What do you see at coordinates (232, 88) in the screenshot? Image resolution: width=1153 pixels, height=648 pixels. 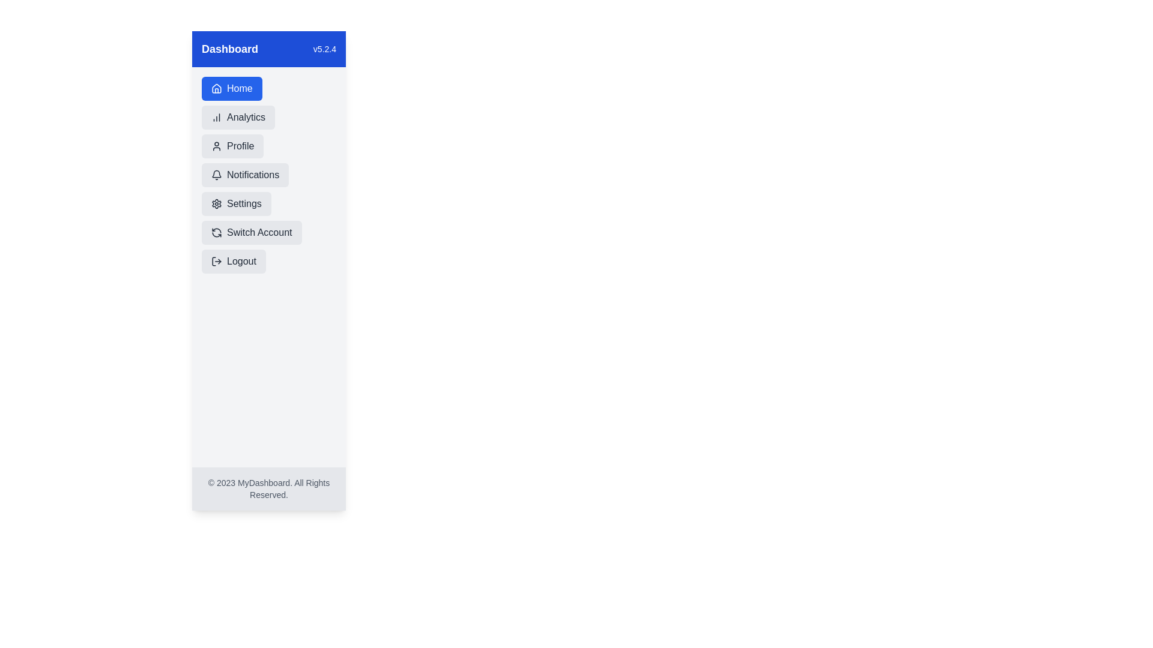 I see `the navigation button located at the top of the left sidebar` at bounding box center [232, 88].